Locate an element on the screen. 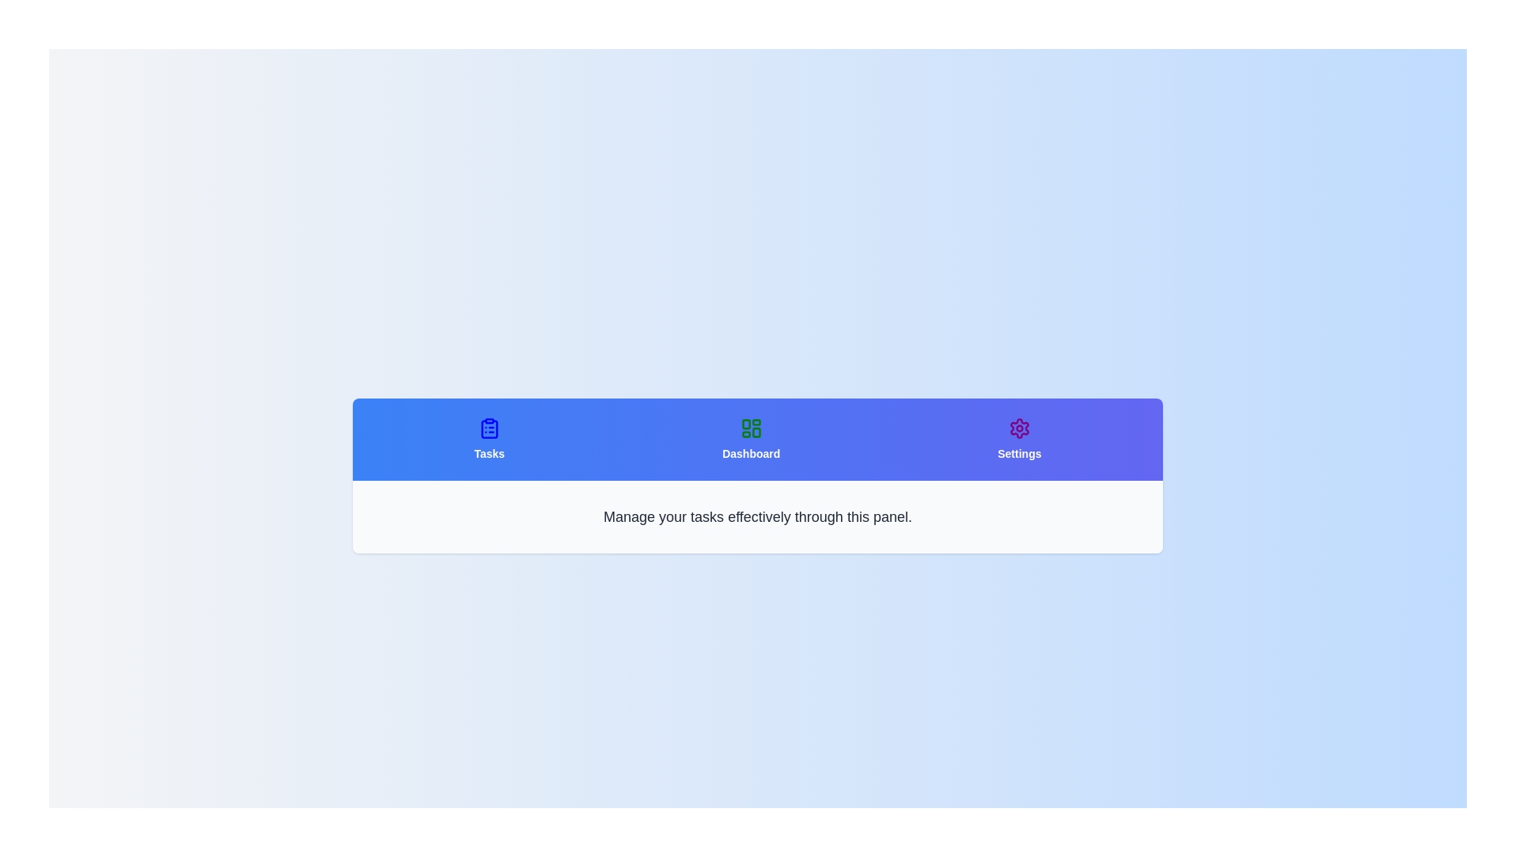 The image size is (1519, 854). the Settings tab by clicking on its button is located at coordinates (1018, 439).